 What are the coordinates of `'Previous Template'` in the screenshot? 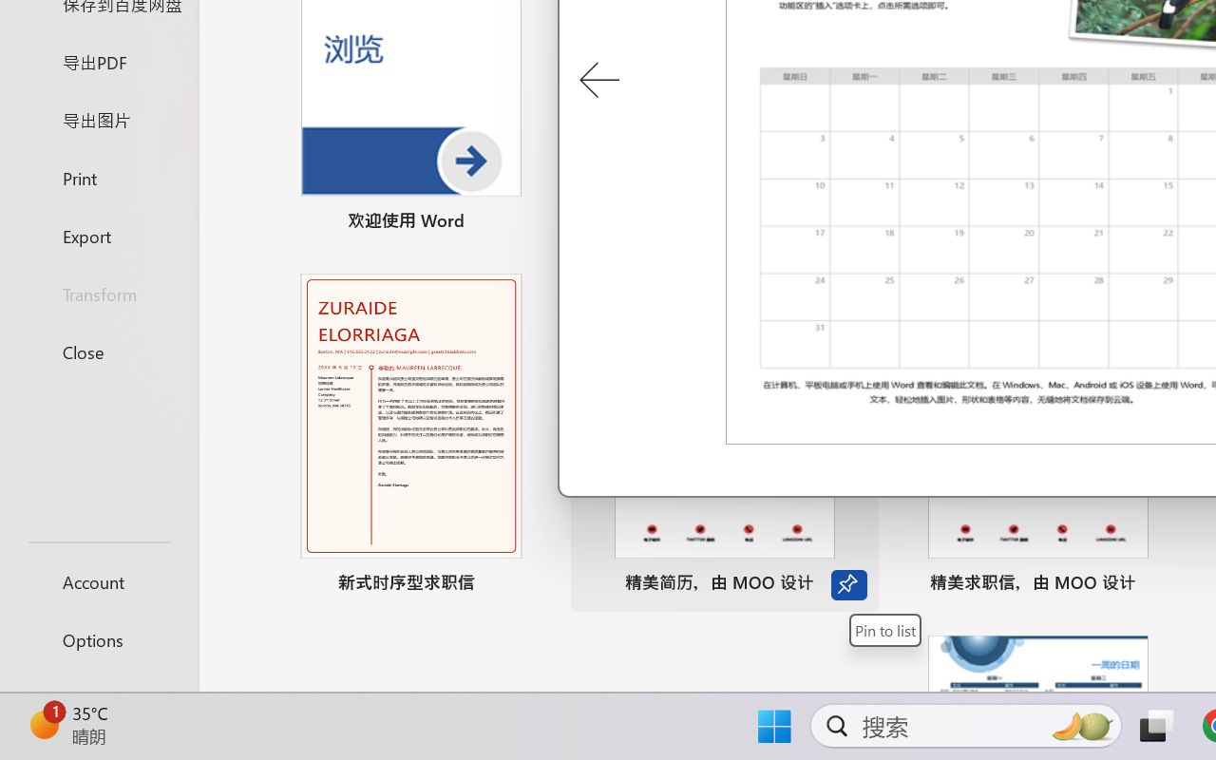 It's located at (598, 81).